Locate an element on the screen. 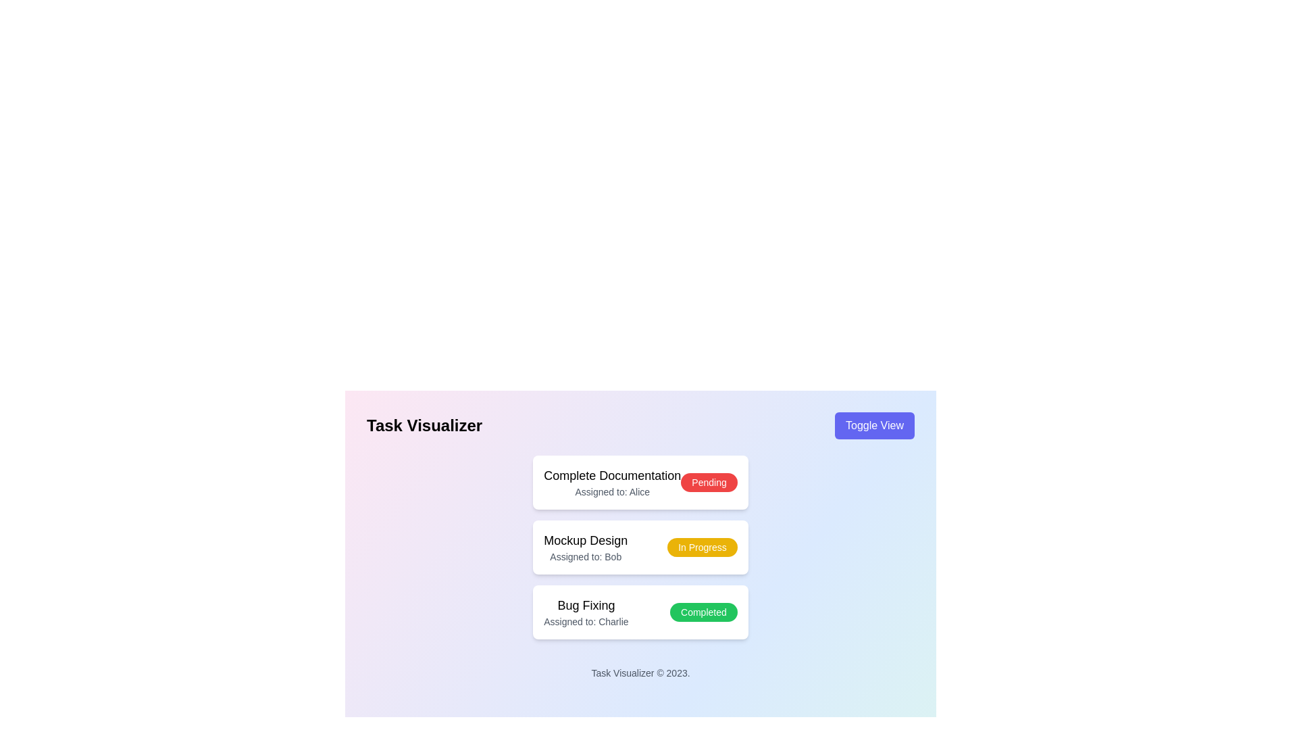 The width and height of the screenshot is (1297, 730). task details from the 'Mockup Design' card, which is the second card in the vertical list of task cards, displaying the title and assigned person along with the 'In Progress' badge is located at coordinates (640, 547).